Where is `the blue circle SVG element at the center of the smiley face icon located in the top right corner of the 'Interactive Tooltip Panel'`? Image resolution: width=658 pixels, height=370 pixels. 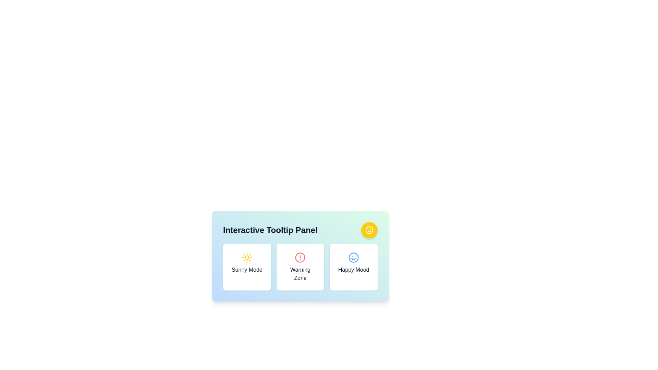 the blue circle SVG element at the center of the smiley face icon located in the top right corner of the 'Interactive Tooltip Panel' is located at coordinates (354, 258).